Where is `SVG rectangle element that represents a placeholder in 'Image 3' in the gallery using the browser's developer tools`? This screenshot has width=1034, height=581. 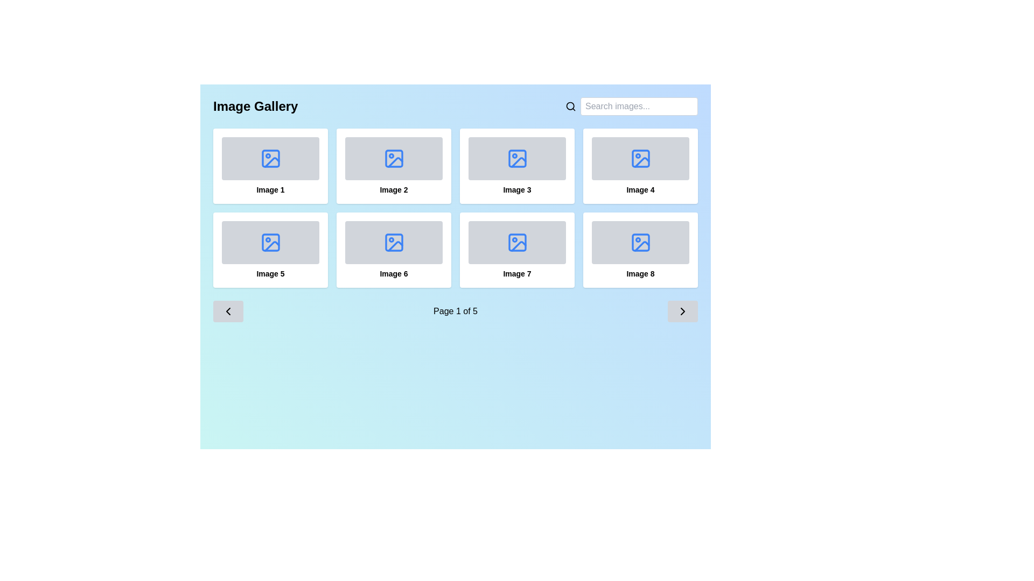
SVG rectangle element that represents a placeholder in 'Image 3' in the gallery using the browser's developer tools is located at coordinates (517, 158).